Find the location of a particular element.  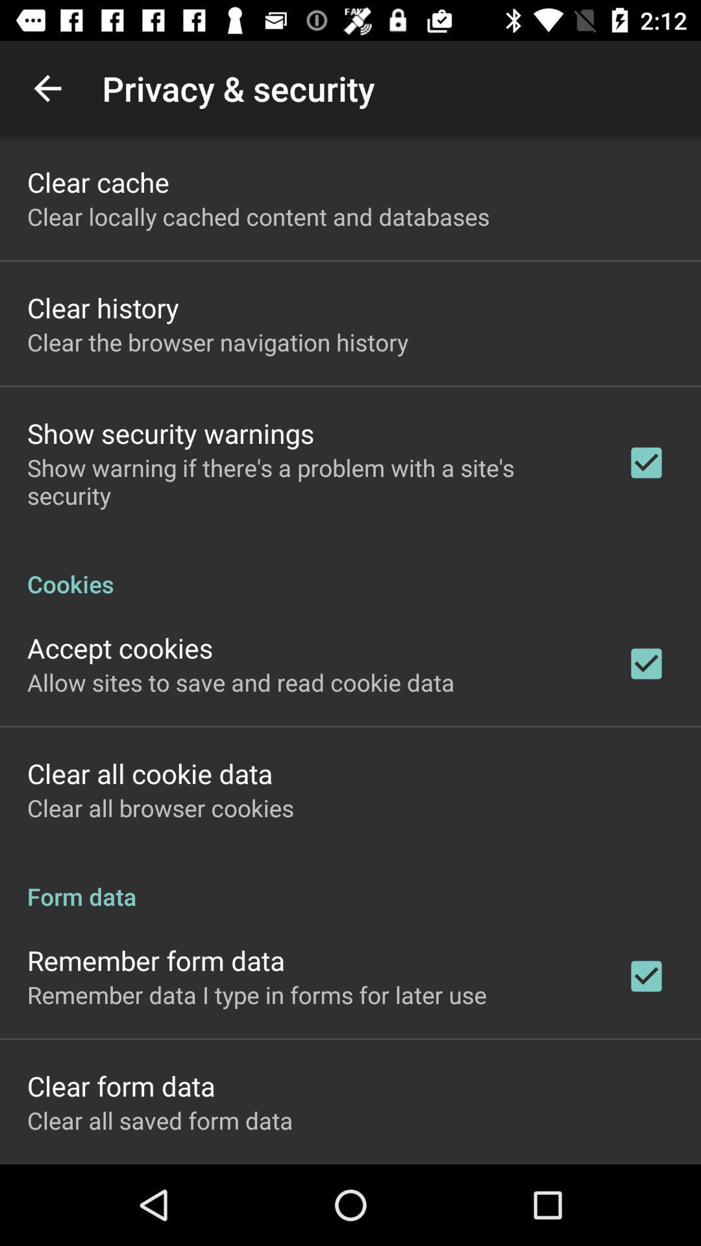

accept cookies is located at coordinates (120, 648).